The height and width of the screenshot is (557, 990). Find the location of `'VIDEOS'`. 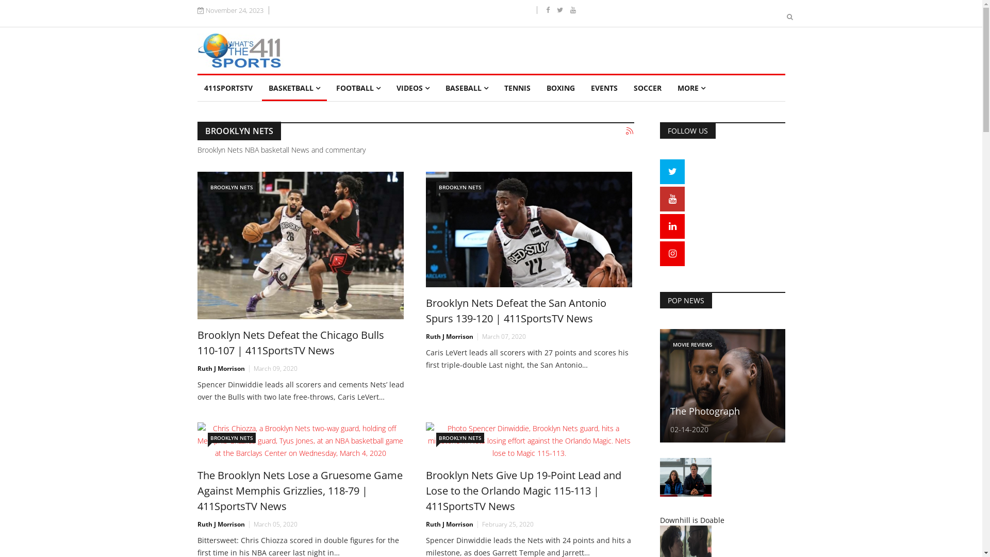

'VIDEOS' is located at coordinates (413, 87).